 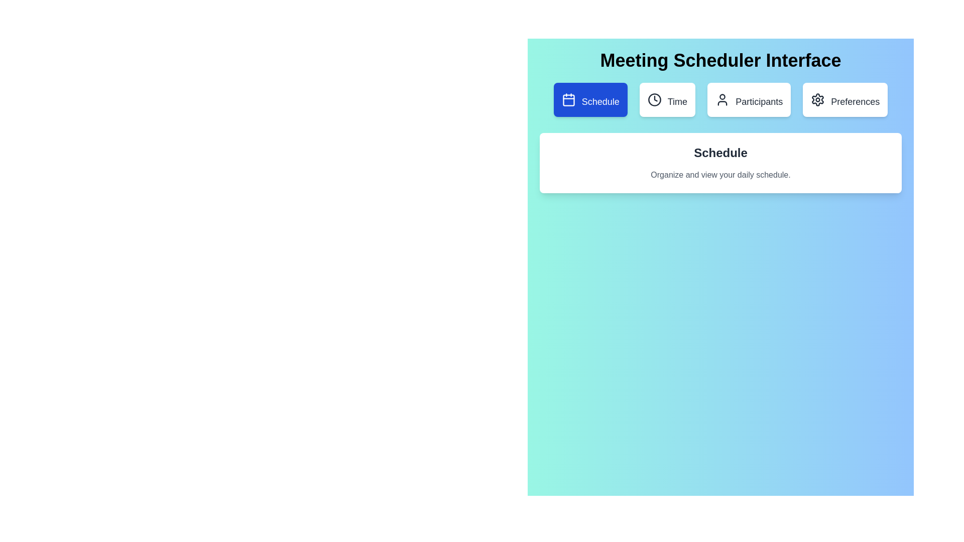 I want to click on the circular element representing the head of a human figure icon within the 'Participants' button, so click(x=722, y=97).